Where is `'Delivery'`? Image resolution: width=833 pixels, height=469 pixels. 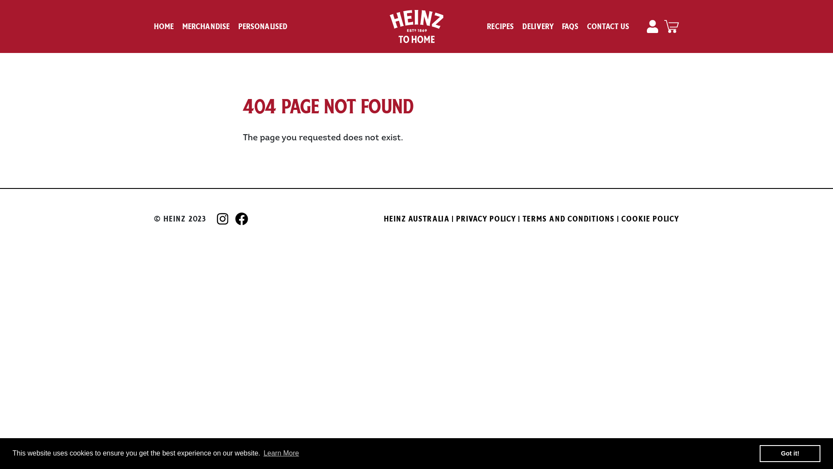 'Delivery' is located at coordinates (522, 26).